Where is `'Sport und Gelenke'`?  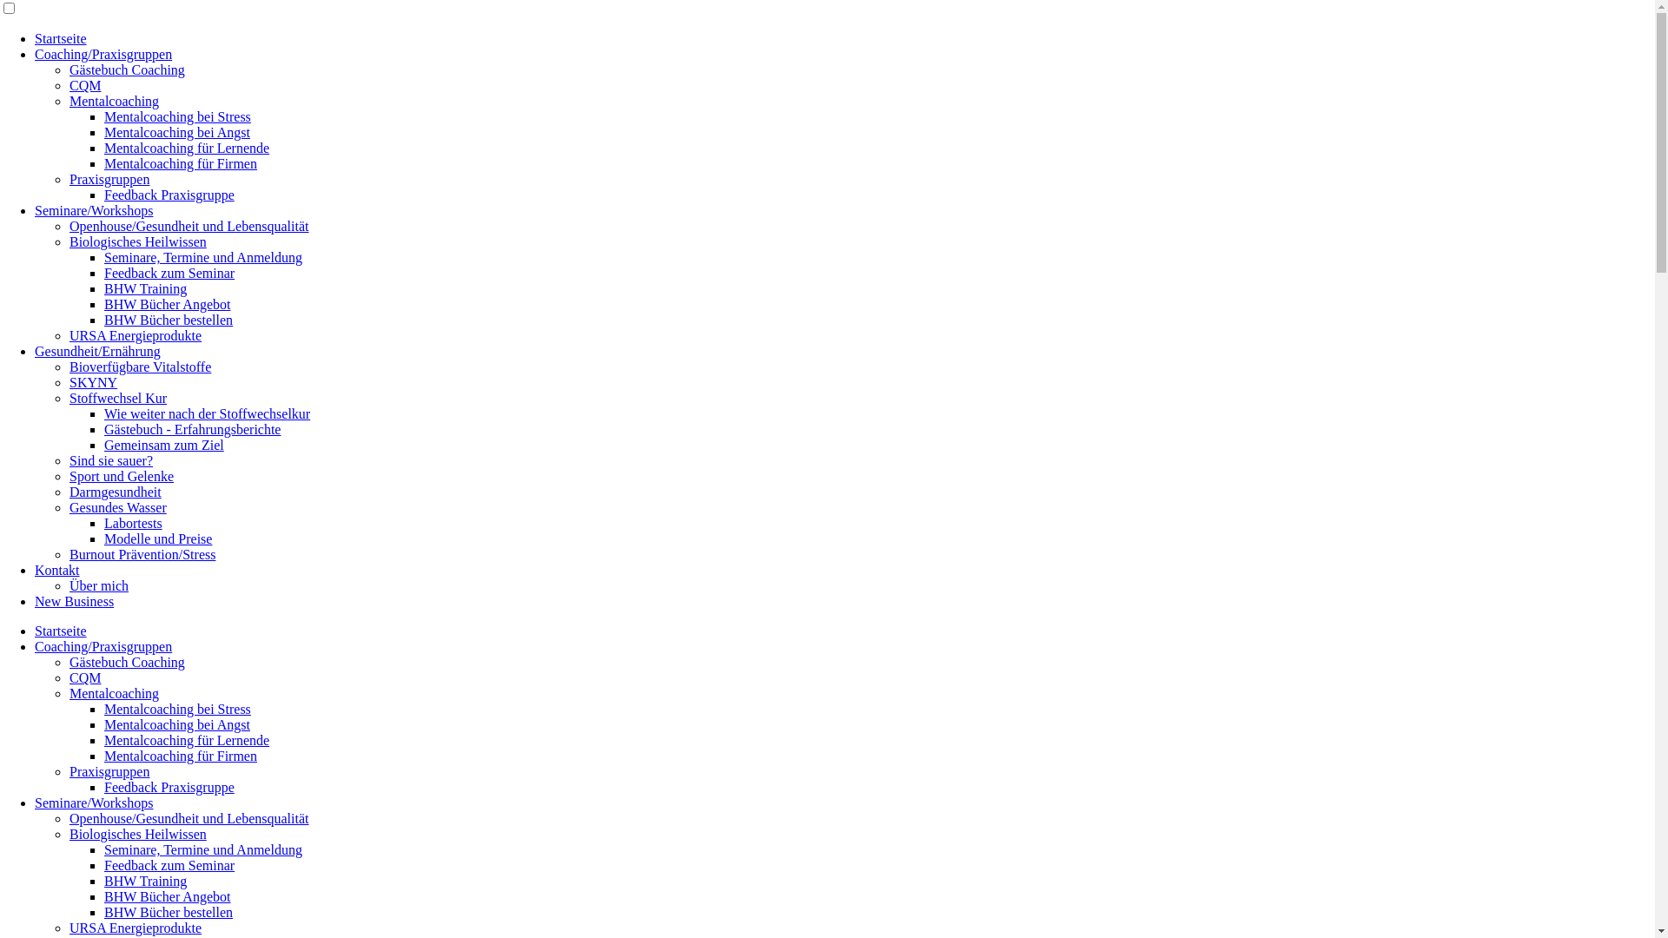
'Sport und Gelenke' is located at coordinates (69, 476).